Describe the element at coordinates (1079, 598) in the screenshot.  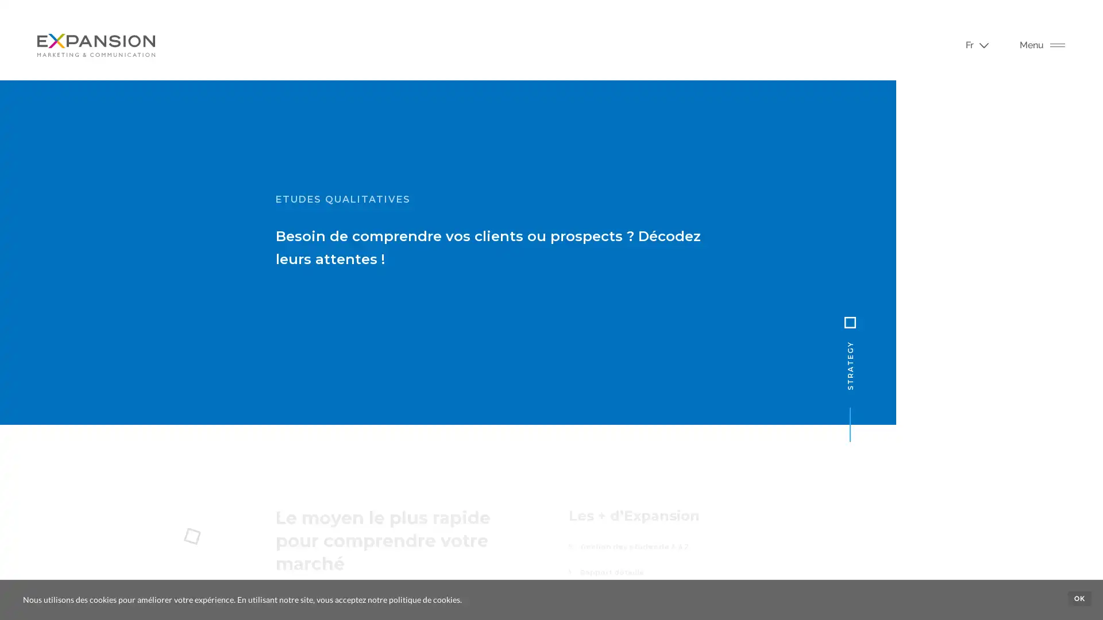
I see `OK` at that location.